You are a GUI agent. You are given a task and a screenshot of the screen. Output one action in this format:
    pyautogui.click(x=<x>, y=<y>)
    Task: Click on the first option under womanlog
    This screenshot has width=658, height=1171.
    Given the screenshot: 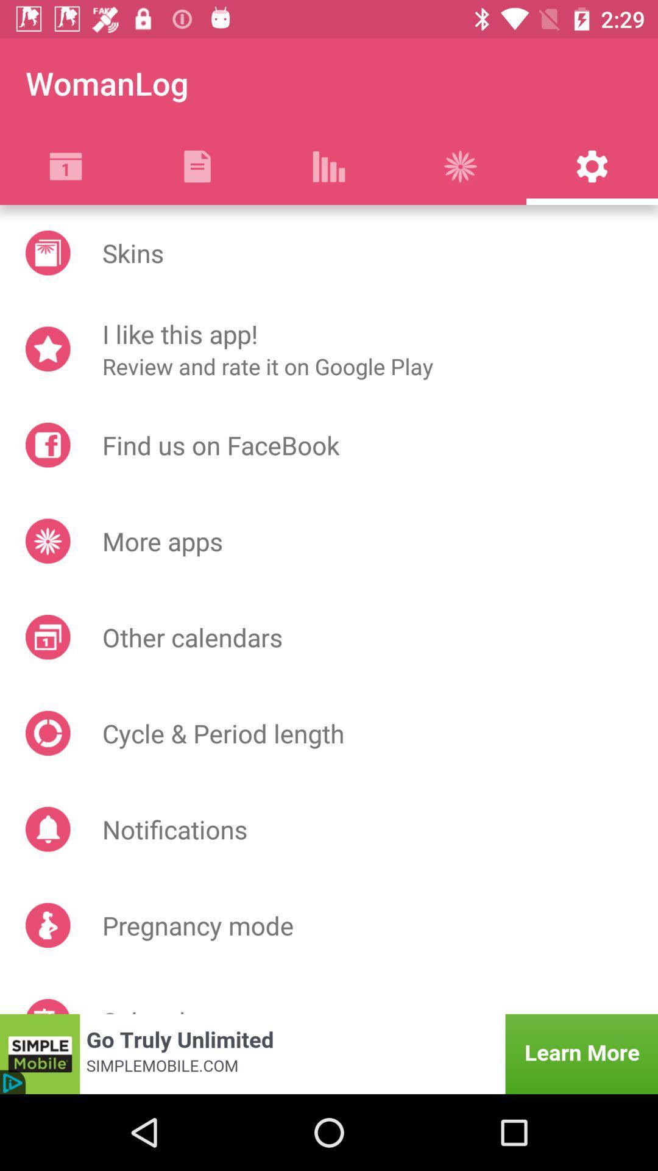 What is the action you would take?
    pyautogui.click(x=66, y=166)
    